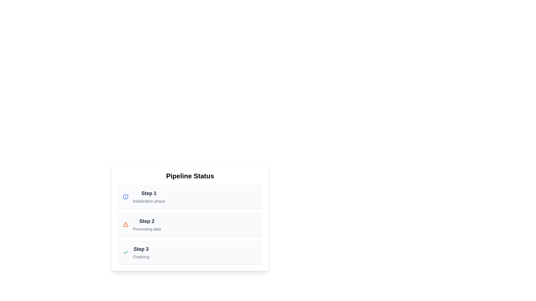 This screenshot has height=301, width=536. What do you see at coordinates (149, 196) in the screenshot?
I see `the static text label indicating the first step in the pipeline process, which has 'Initialization phase' as a subheading and is located within the first card beneath the 'Pipeline Status' heading` at bounding box center [149, 196].